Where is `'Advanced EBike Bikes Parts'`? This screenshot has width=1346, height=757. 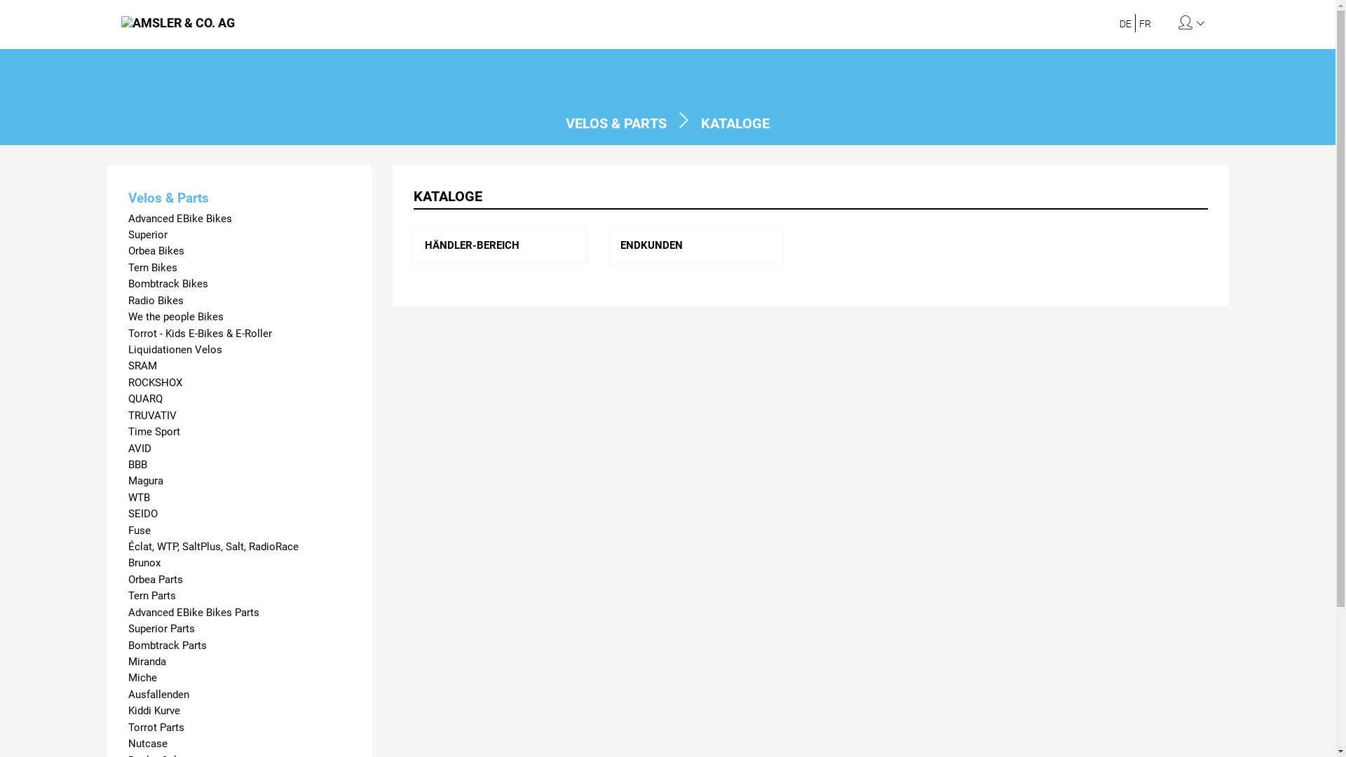
'Advanced EBike Bikes Parts' is located at coordinates (238, 612).